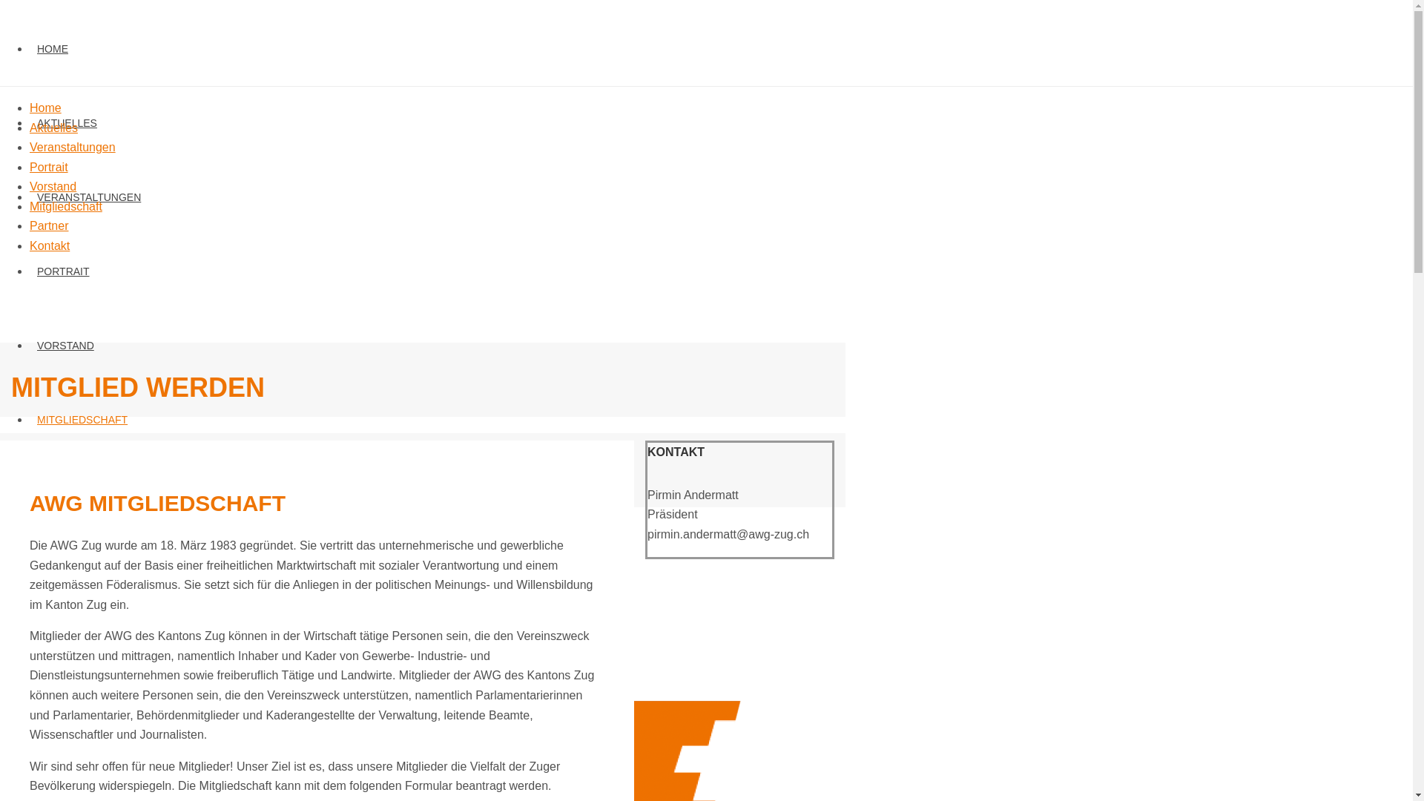 This screenshot has width=1424, height=801. What do you see at coordinates (65, 206) in the screenshot?
I see `'Mitgliedschaft'` at bounding box center [65, 206].